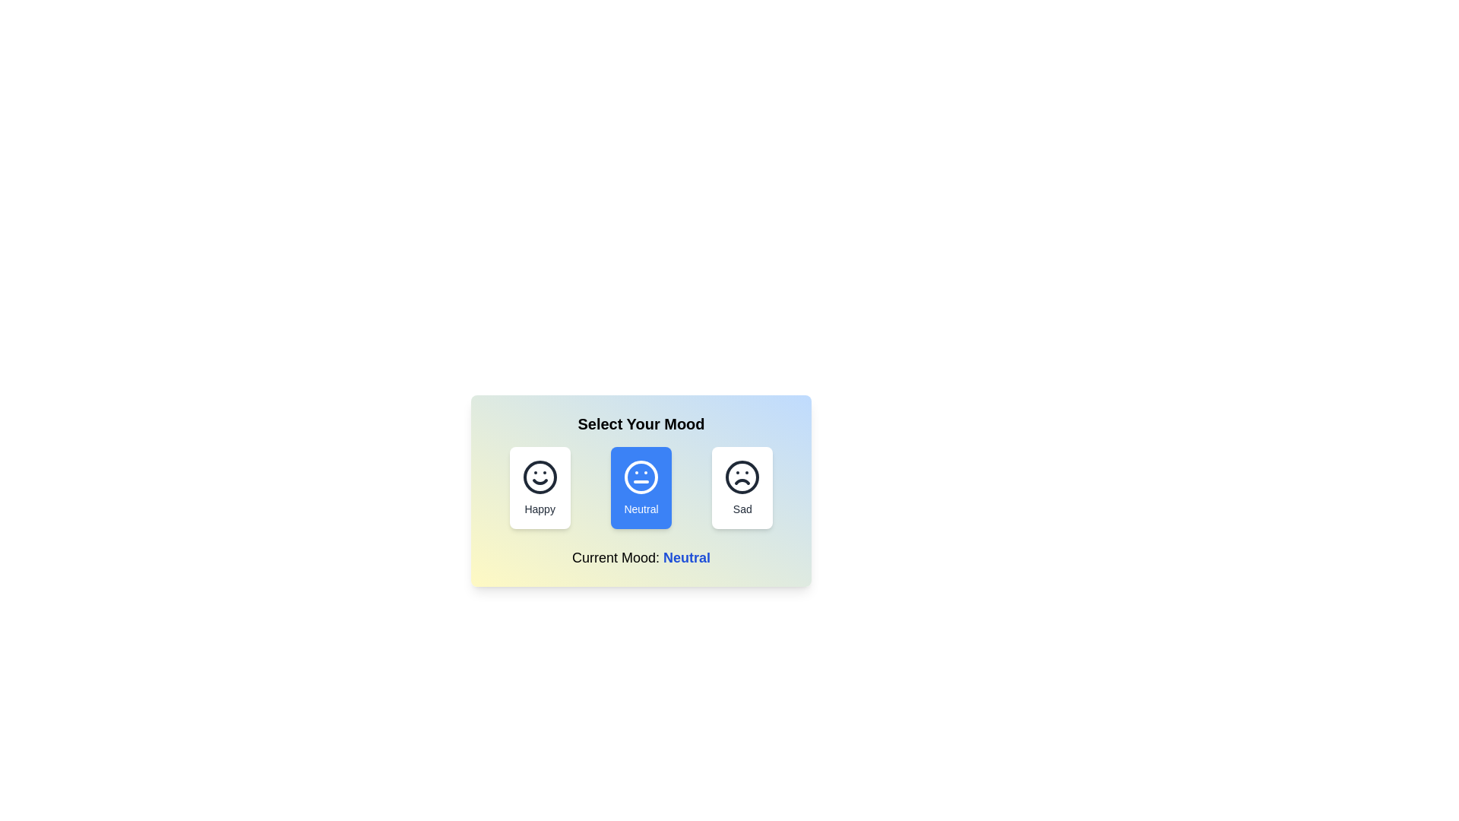 Image resolution: width=1459 pixels, height=821 pixels. I want to click on the mood button corresponding to Happy, so click(540, 487).